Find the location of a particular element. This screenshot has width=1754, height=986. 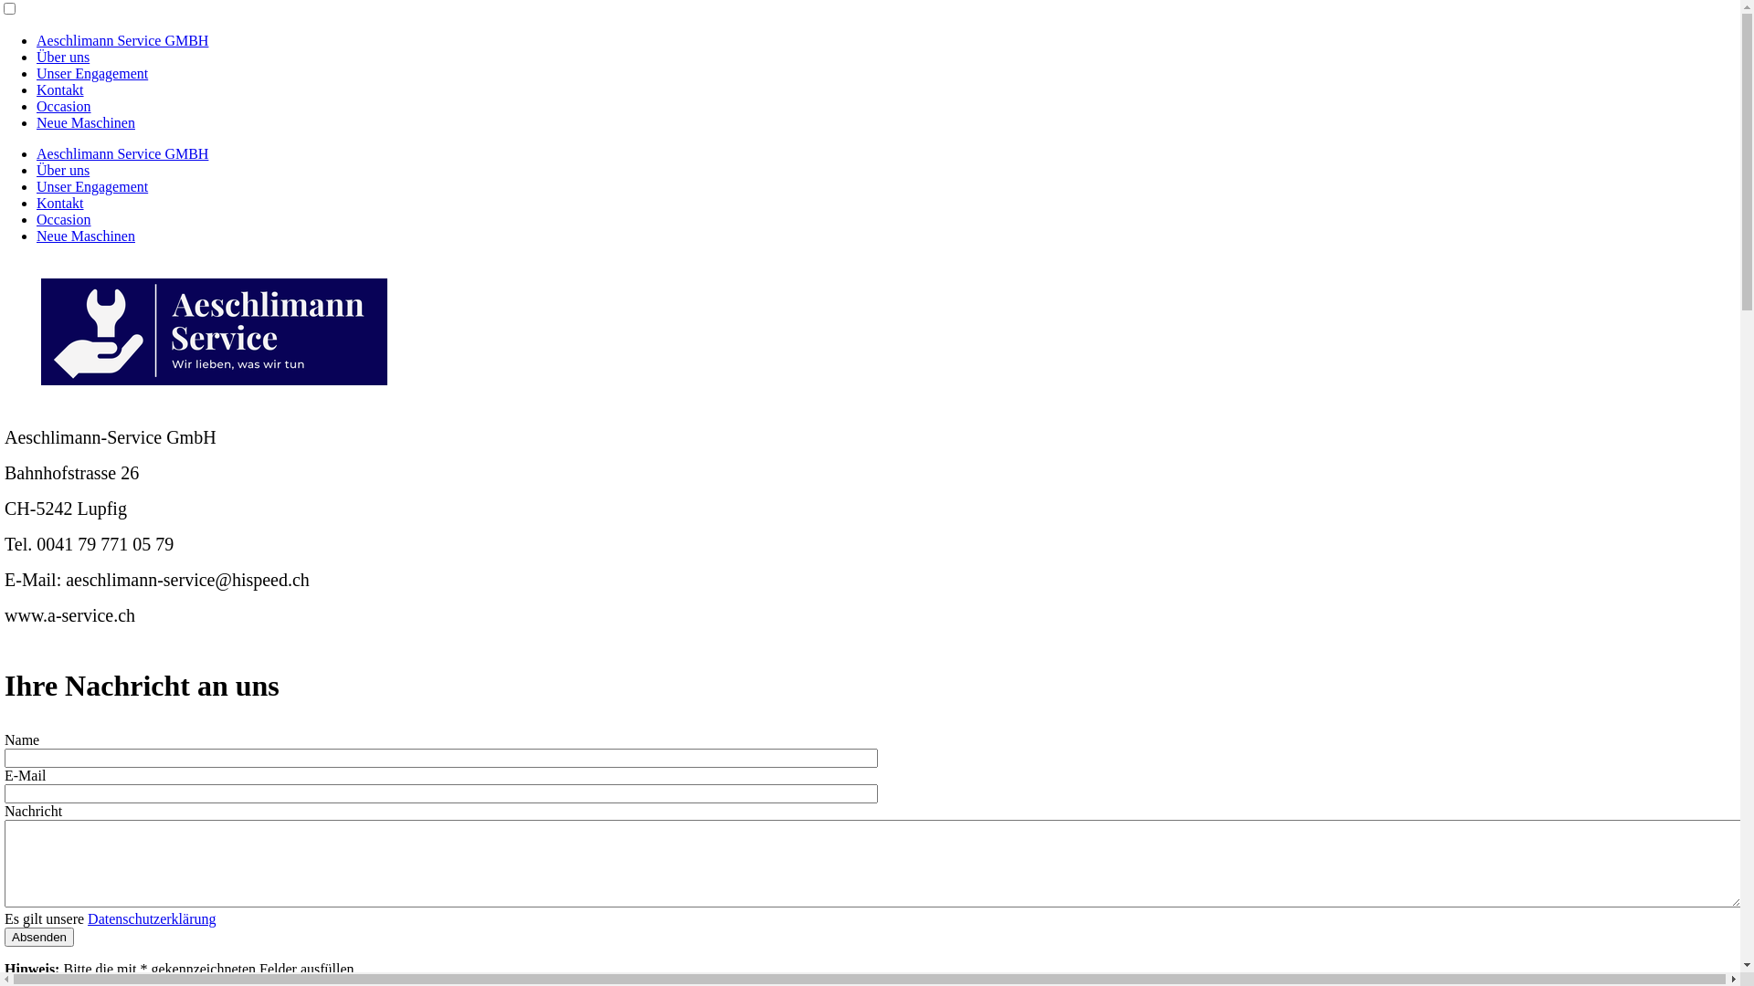

'Absenden' is located at coordinates (39, 937).